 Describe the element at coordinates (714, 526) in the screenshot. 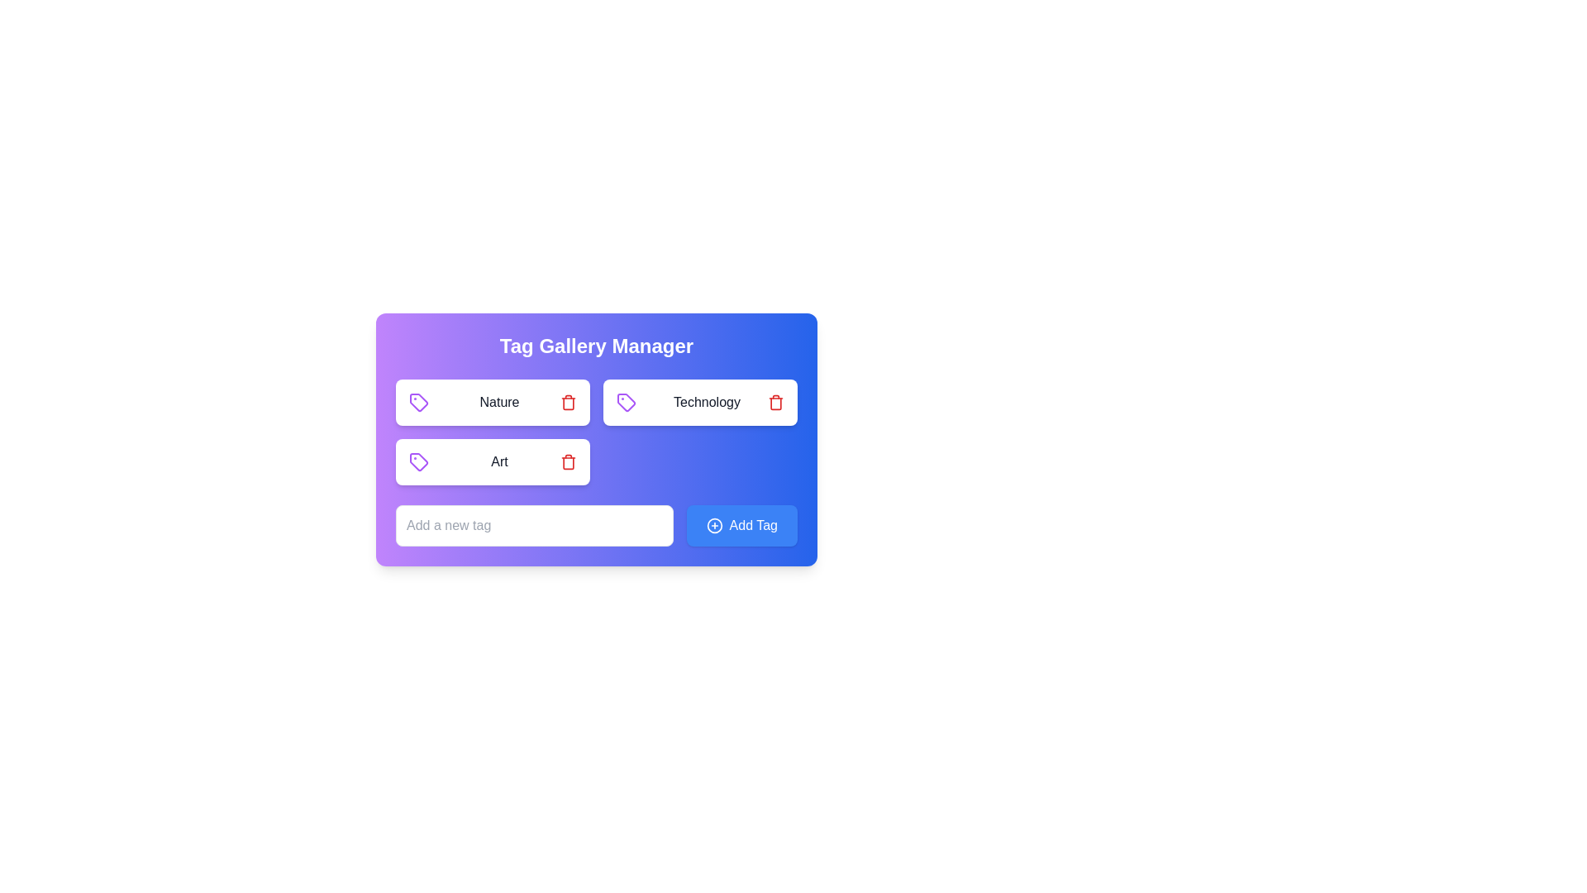

I see `the circular outline of the SVG graphic that serves as the base for the '+' symbol, located to the right of the 'Add Tag' button` at that location.